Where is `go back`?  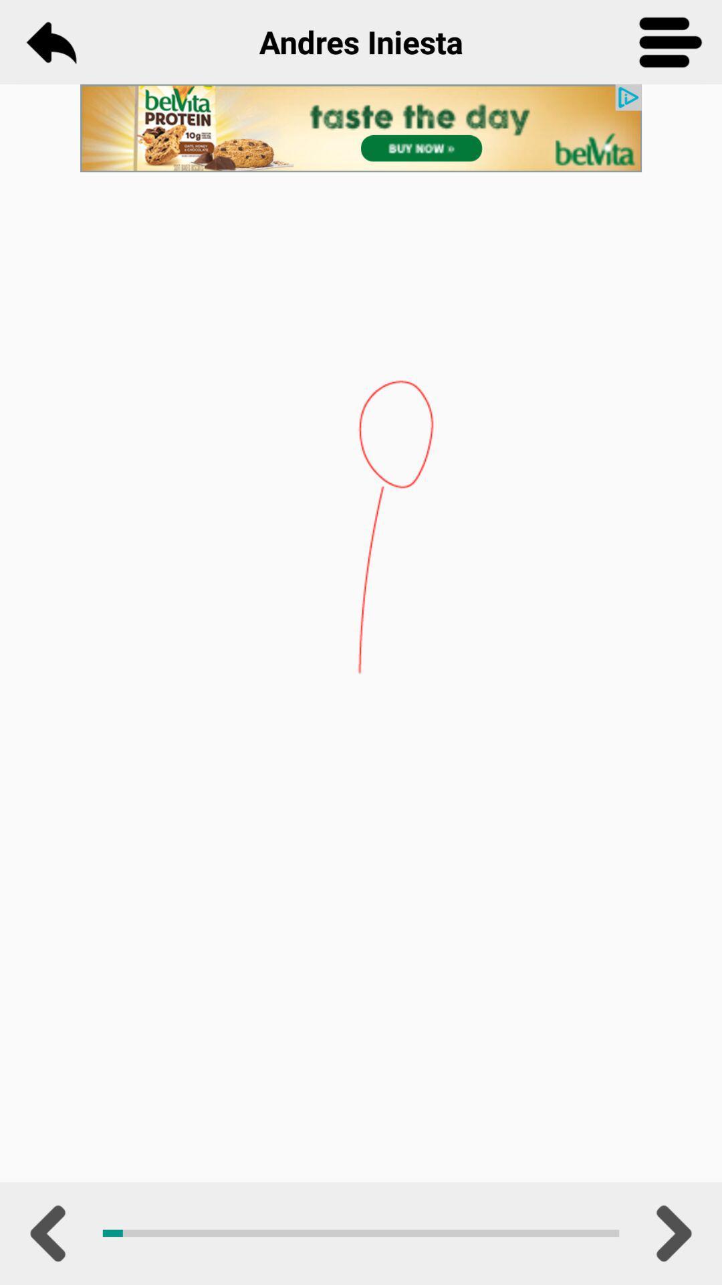
go back is located at coordinates (50, 41).